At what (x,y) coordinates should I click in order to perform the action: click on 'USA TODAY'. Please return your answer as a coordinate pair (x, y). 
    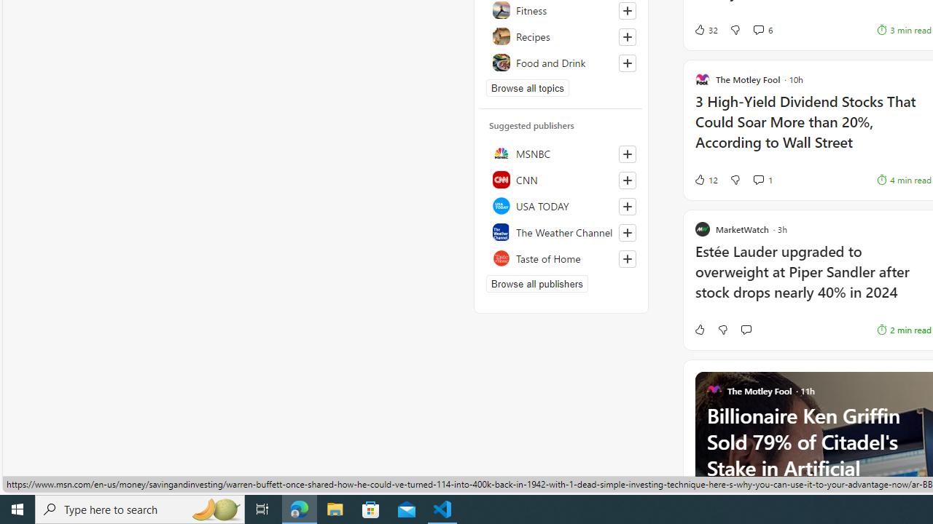
    Looking at the image, I should click on (561, 205).